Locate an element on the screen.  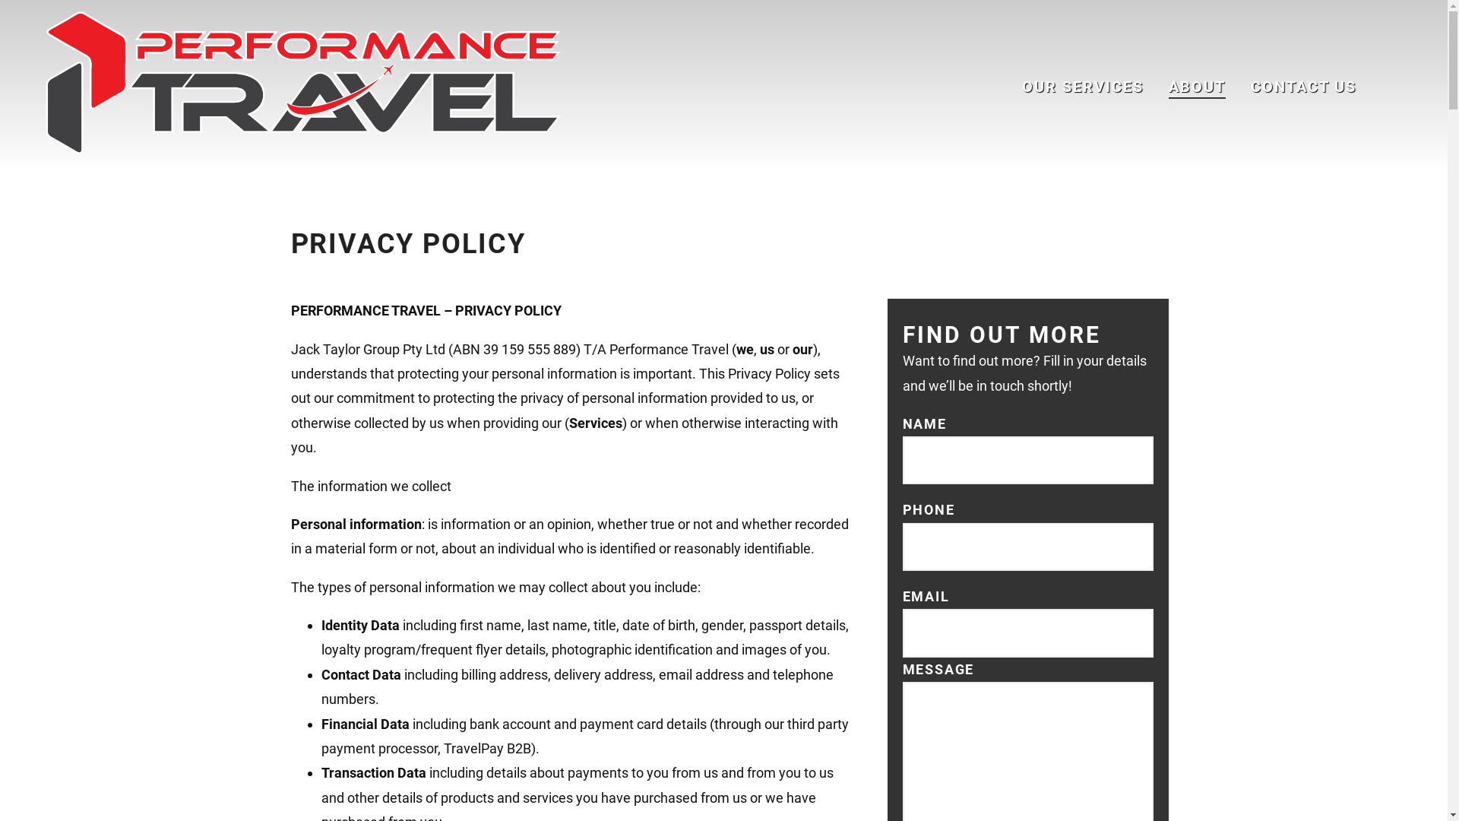
'OUR SERVICES' is located at coordinates (1082, 87).